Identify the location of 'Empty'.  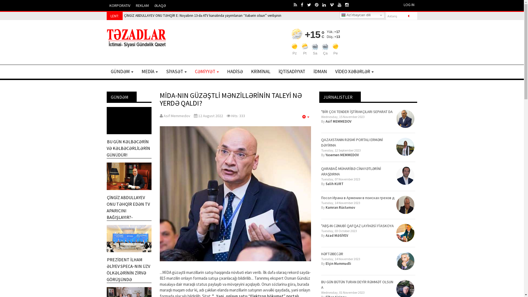
(306, 116).